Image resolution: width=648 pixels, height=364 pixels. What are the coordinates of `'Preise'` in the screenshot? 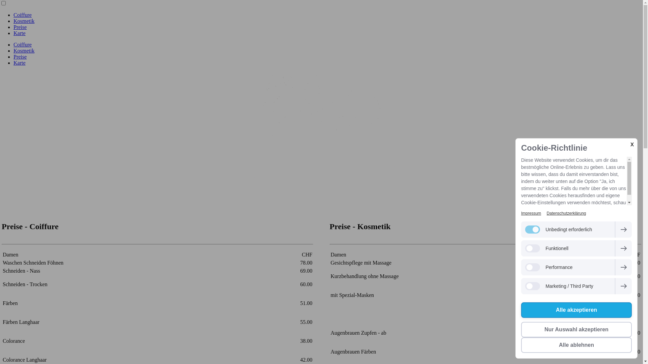 It's located at (20, 27).